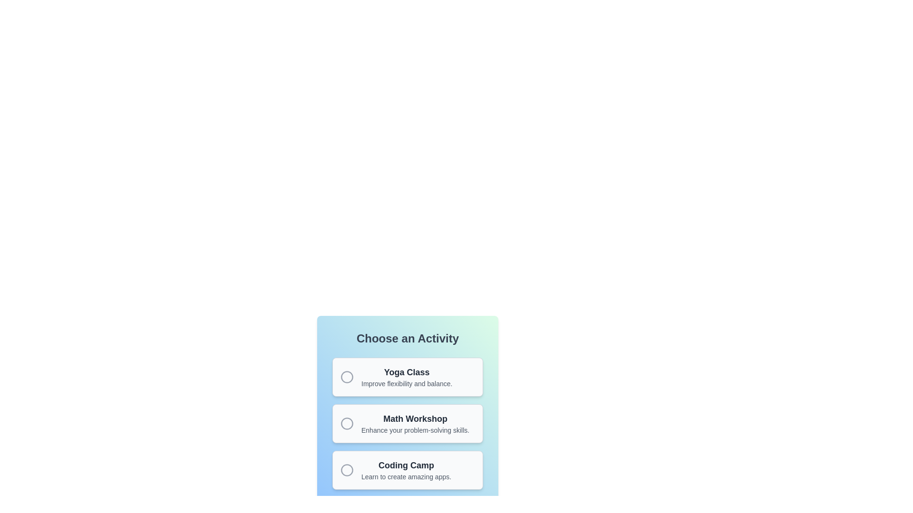  Describe the element at coordinates (415, 418) in the screenshot. I see `the 'Math Workshop' text label, which is a bold, dark gray font heading element positioned within the middle rectangular card of three stacked options` at that location.